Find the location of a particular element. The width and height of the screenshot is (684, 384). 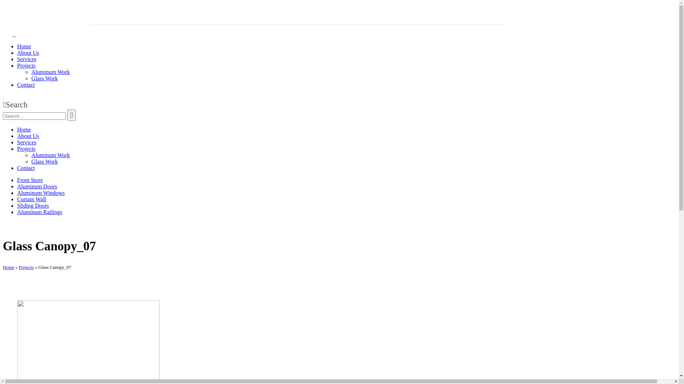

'Aluminum Railings' is located at coordinates (17, 212).